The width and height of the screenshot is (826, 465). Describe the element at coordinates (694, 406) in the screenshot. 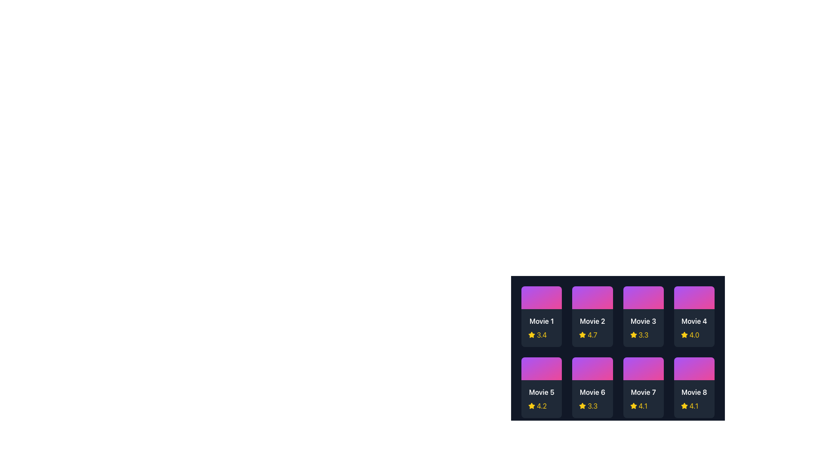

I see `the numeric value '4.1' displayed in the Rating component located at the bottom-right of the 'Movie 8' card` at that location.